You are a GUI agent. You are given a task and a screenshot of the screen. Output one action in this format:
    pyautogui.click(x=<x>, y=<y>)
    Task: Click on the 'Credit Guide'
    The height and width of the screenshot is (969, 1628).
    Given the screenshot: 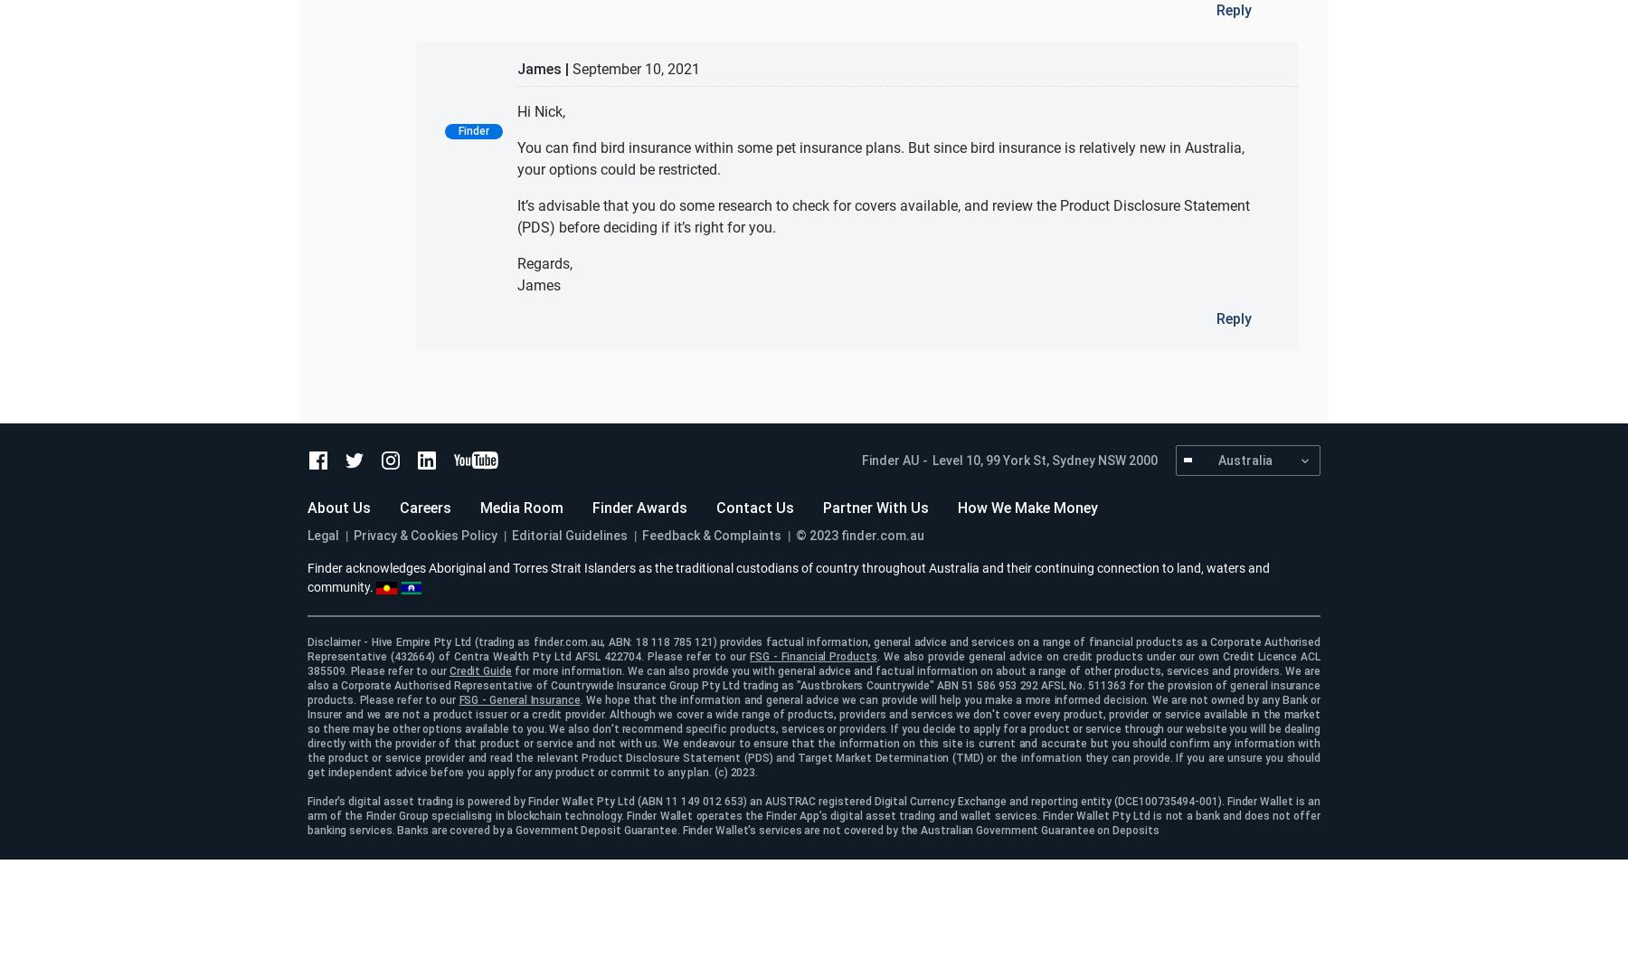 What is the action you would take?
    pyautogui.click(x=448, y=670)
    